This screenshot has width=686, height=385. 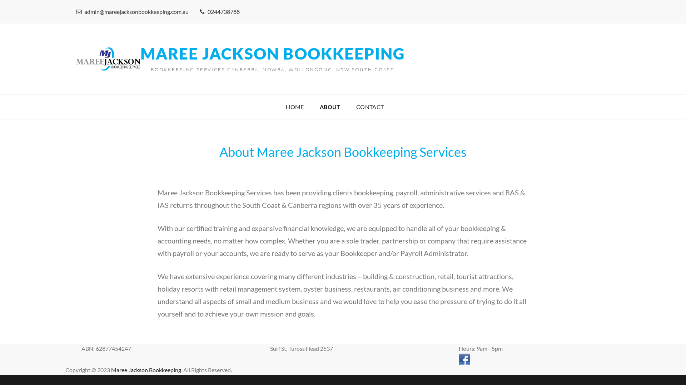 I want to click on 'CONTACT', so click(x=370, y=107).